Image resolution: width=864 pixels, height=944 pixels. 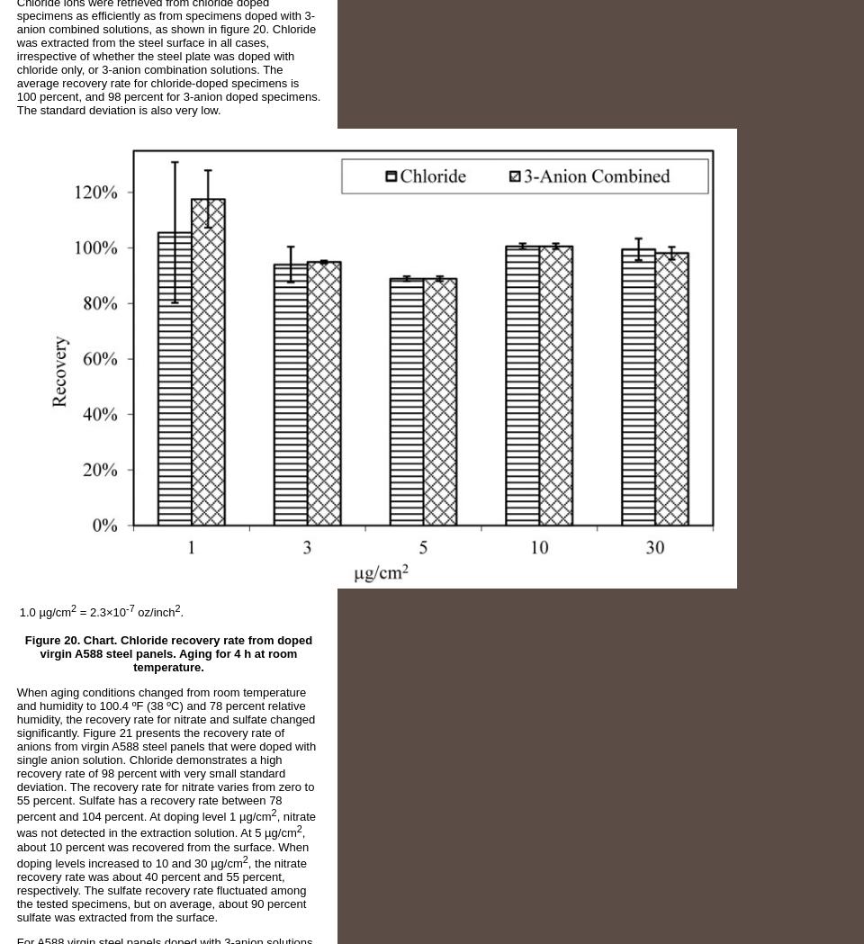 What do you see at coordinates (14, 889) in the screenshot?
I see `', the nitrate recovery rate was about 40 percent and 55 percent, respectively. The sulfate recovery rate fluctuated among the tested specimens, but on average, about 90 percent sulfate was extracted from the surface.'` at bounding box center [14, 889].